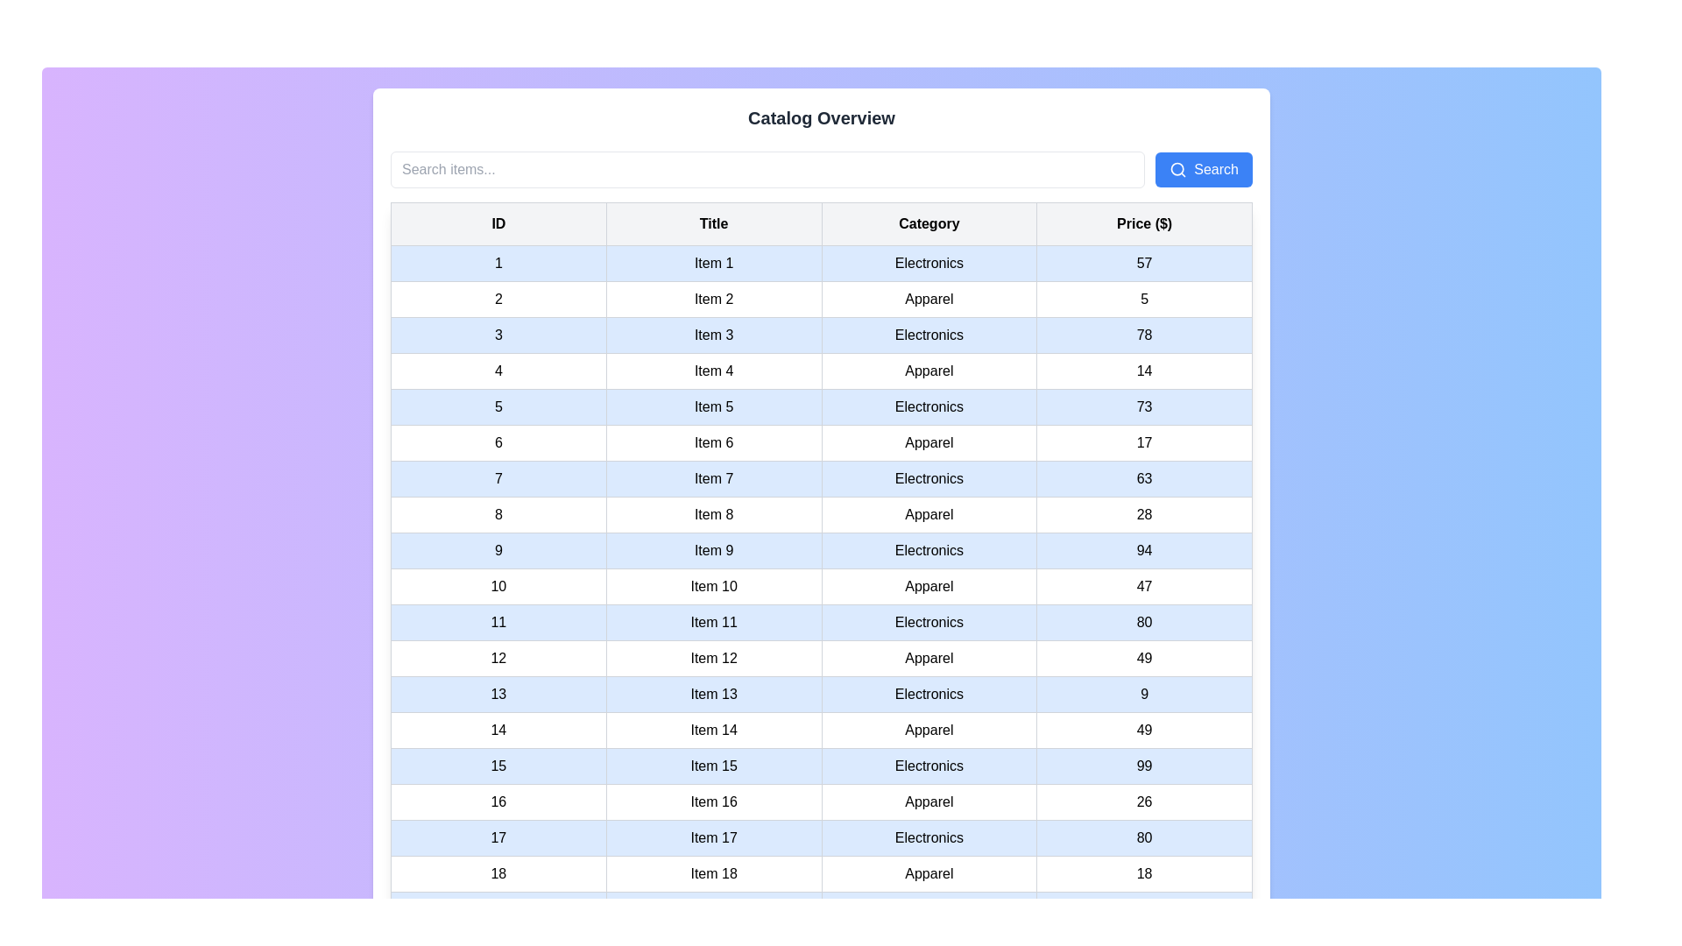 The height and width of the screenshot is (946, 1682). What do you see at coordinates (820, 766) in the screenshot?
I see `information displayed in the 15th row of the table, which contains details about an item including ID, title, category, and price` at bounding box center [820, 766].